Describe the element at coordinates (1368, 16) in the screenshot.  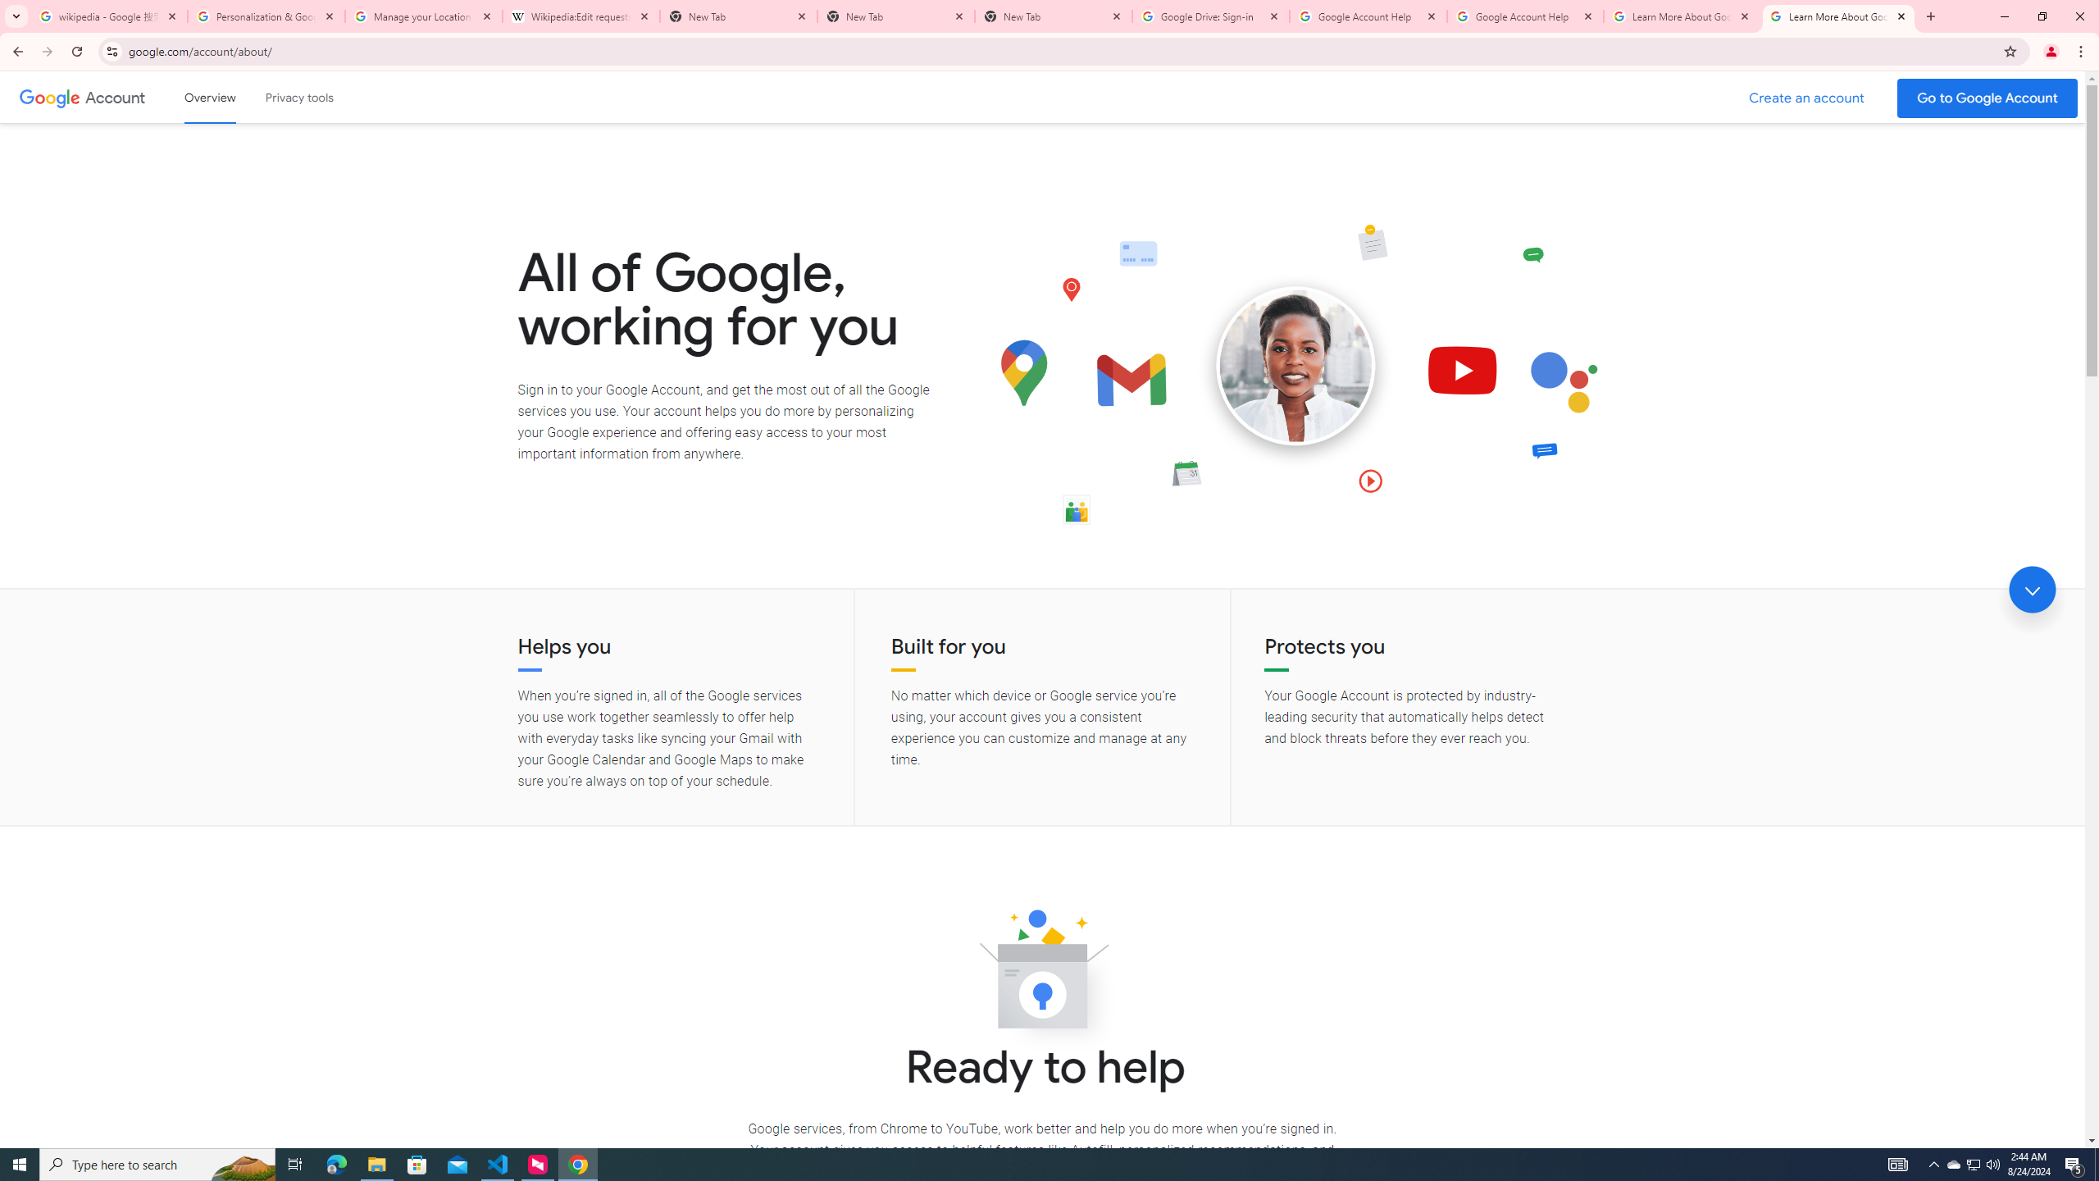
I see `'Google Account Help'` at that location.